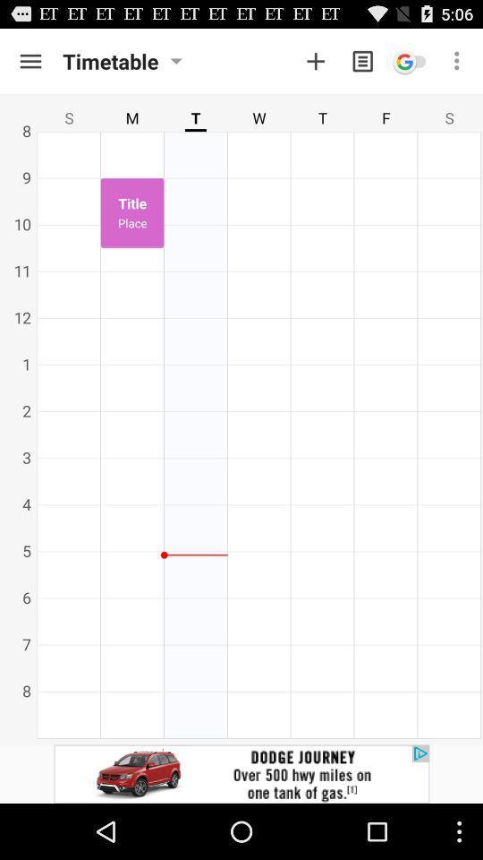 The width and height of the screenshot is (483, 860). What do you see at coordinates (362, 65) in the screenshot?
I see `the description icon` at bounding box center [362, 65].